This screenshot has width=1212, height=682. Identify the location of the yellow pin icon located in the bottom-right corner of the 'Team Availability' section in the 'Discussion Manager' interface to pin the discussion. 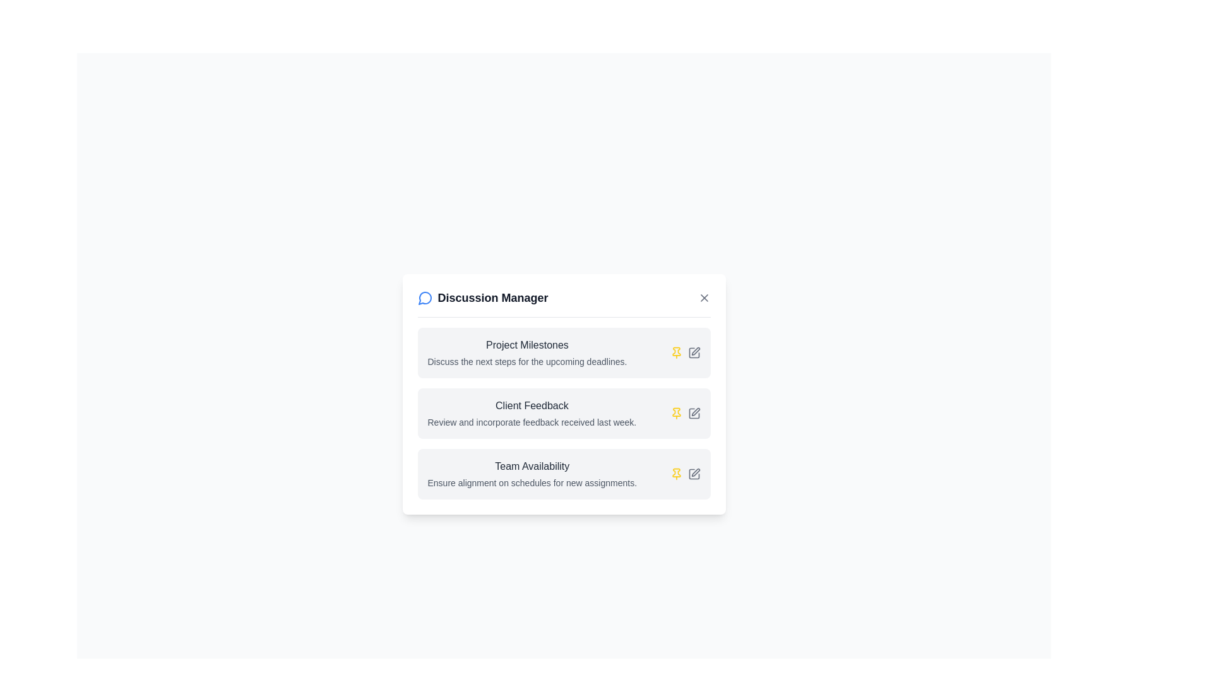
(684, 474).